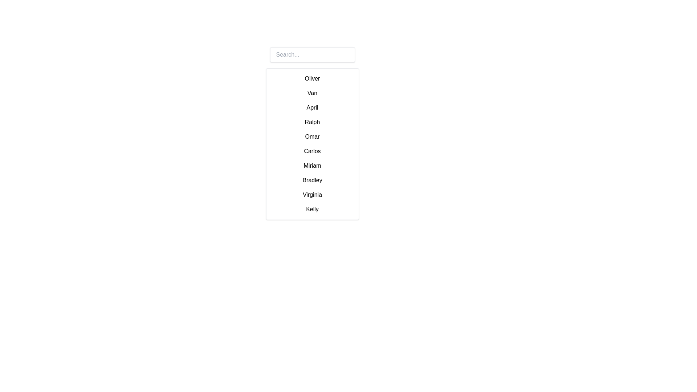 The width and height of the screenshot is (697, 392). What do you see at coordinates (312, 144) in the screenshot?
I see `the fifth entry labeled 'Omar' in the dropdown list located beneath the search bar` at bounding box center [312, 144].